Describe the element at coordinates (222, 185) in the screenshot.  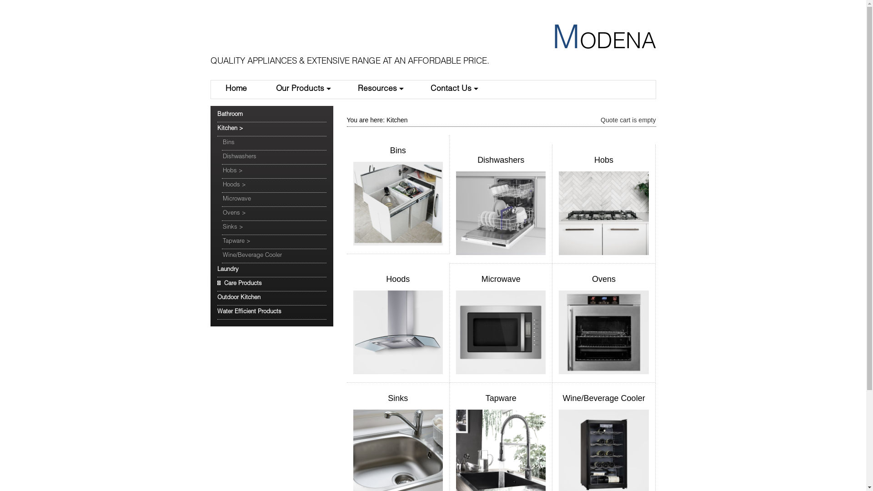
I see `'Hoods >'` at that location.